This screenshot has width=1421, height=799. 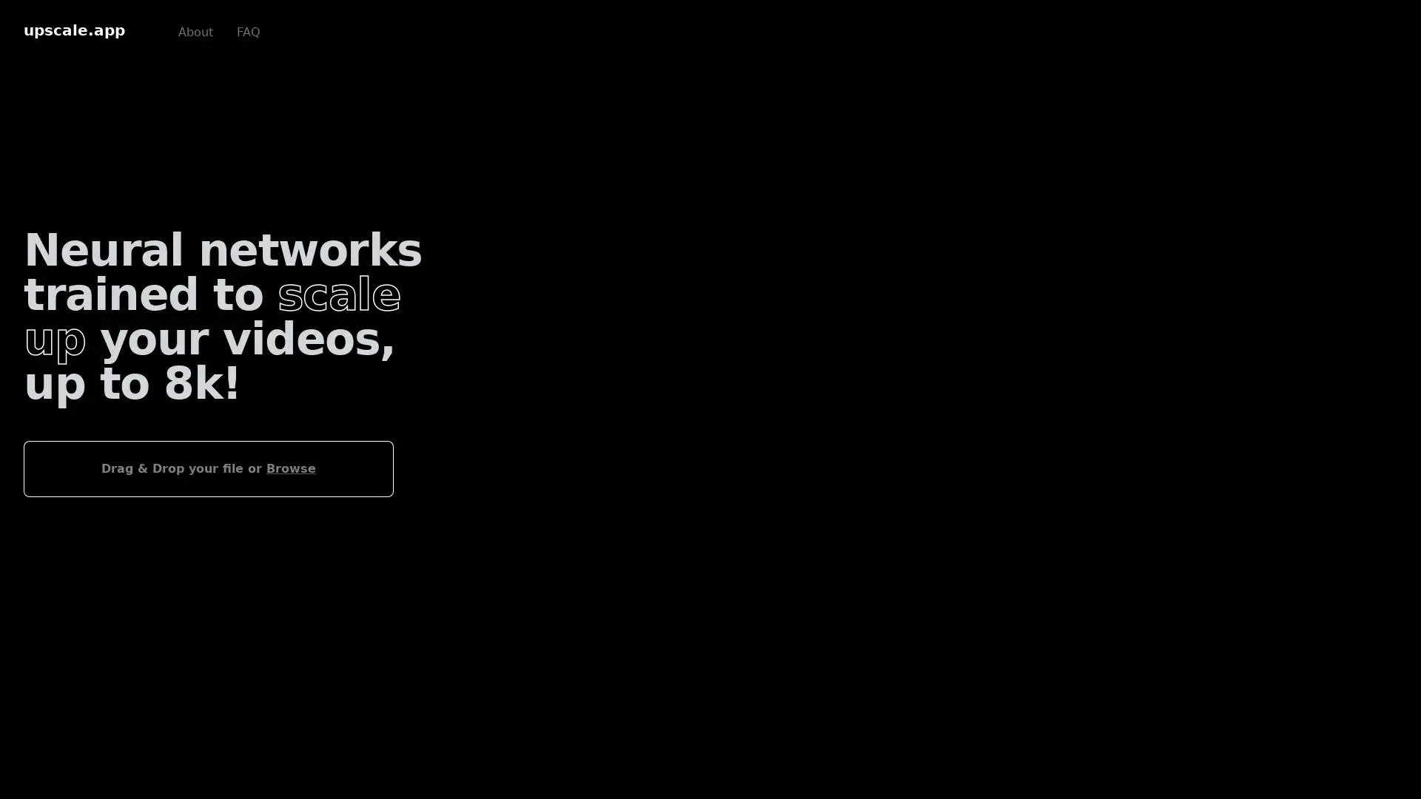 I want to click on Drag & Drop your file or Browse, so click(x=208, y=442).